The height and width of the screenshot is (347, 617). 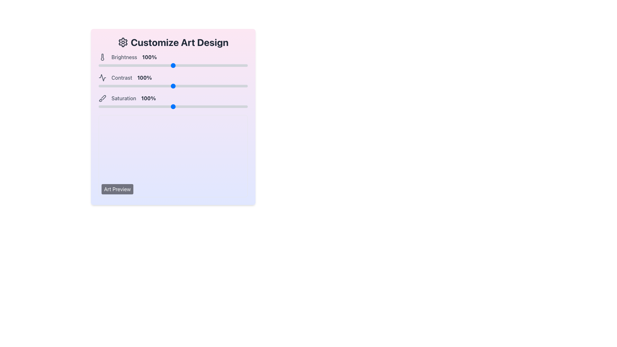 I want to click on the saturation, so click(x=100, y=106).